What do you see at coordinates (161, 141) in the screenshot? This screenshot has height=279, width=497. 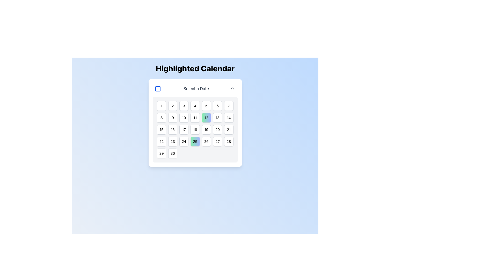 I see `the button representing the date 22nd in the calendar component located in the seventh row and first column of the grid` at bounding box center [161, 141].